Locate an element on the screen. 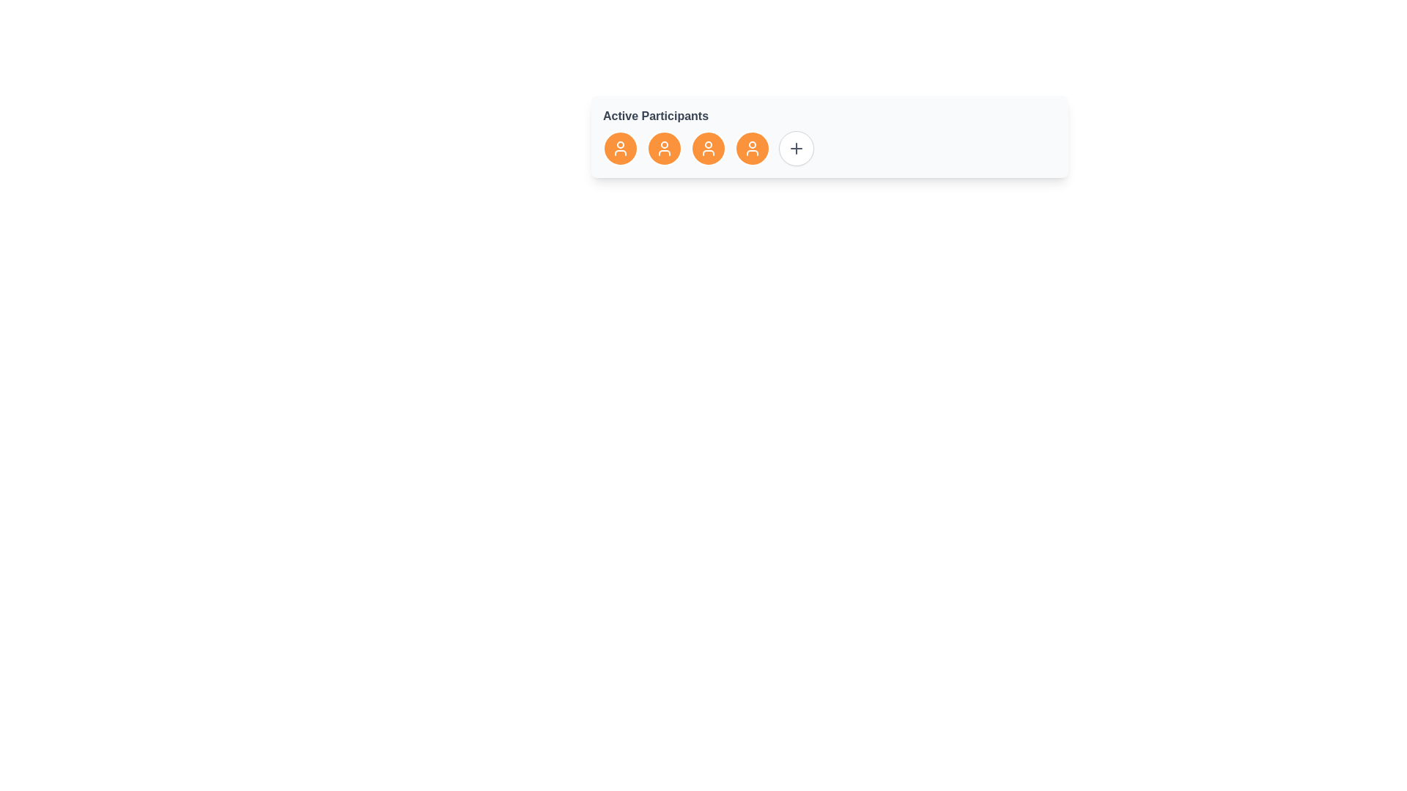 Image resolution: width=1407 pixels, height=791 pixels. the first user icon in the 'Active Participants' section, located at the top-center area of the component is located at coordinates (620, 149).